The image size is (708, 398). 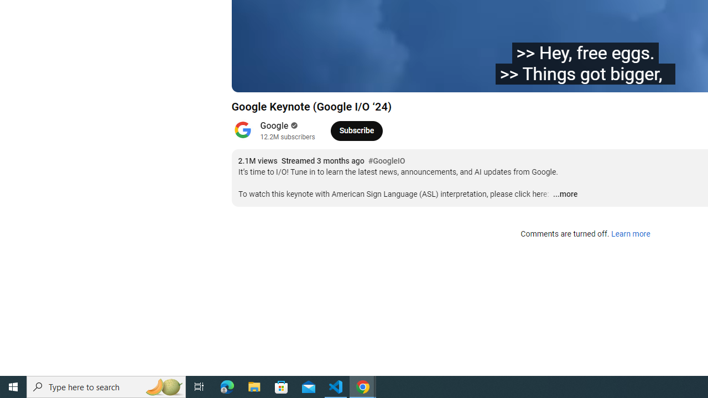 I want to click on 'Verified', so click(x=293, y=125).